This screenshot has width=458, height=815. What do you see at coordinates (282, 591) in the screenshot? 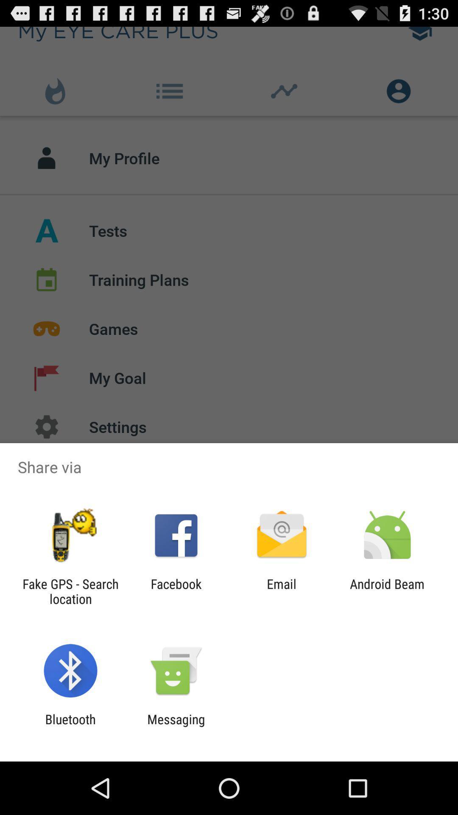
I see `email item` at bounding box center [282, 591].